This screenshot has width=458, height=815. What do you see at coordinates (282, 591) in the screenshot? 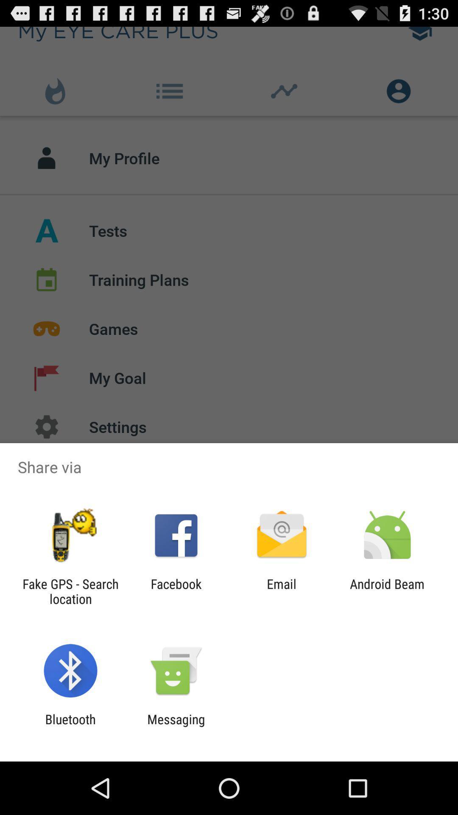
I see `email item` at bounding box center [282, 591].